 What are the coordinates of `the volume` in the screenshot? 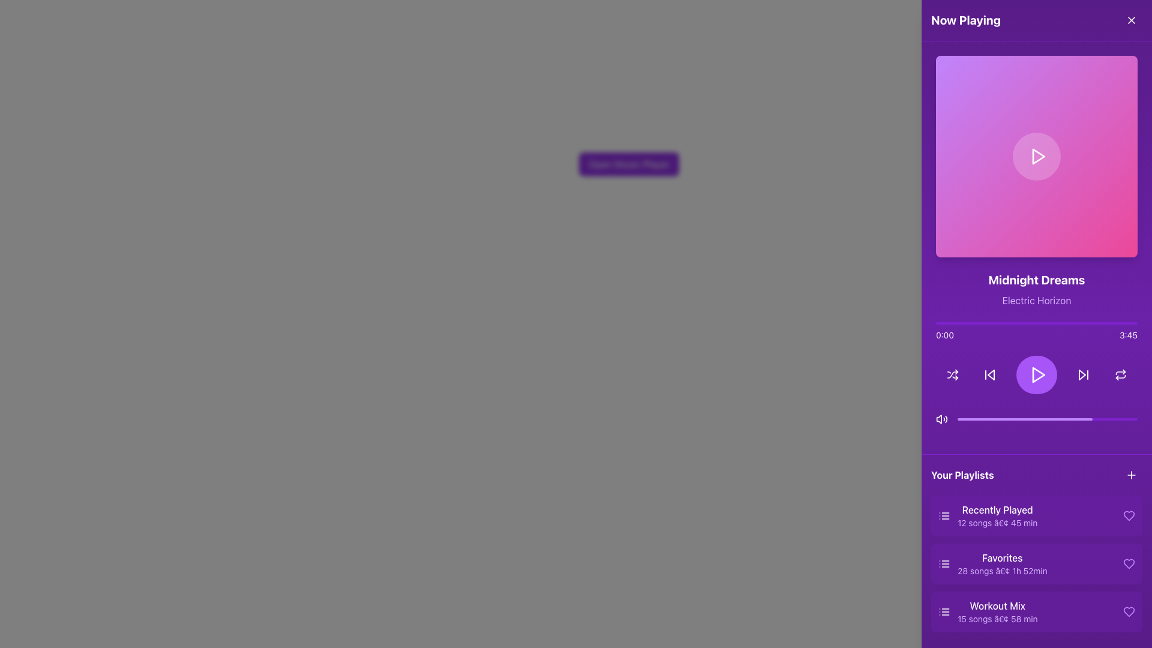 It's located at (1034, 418).